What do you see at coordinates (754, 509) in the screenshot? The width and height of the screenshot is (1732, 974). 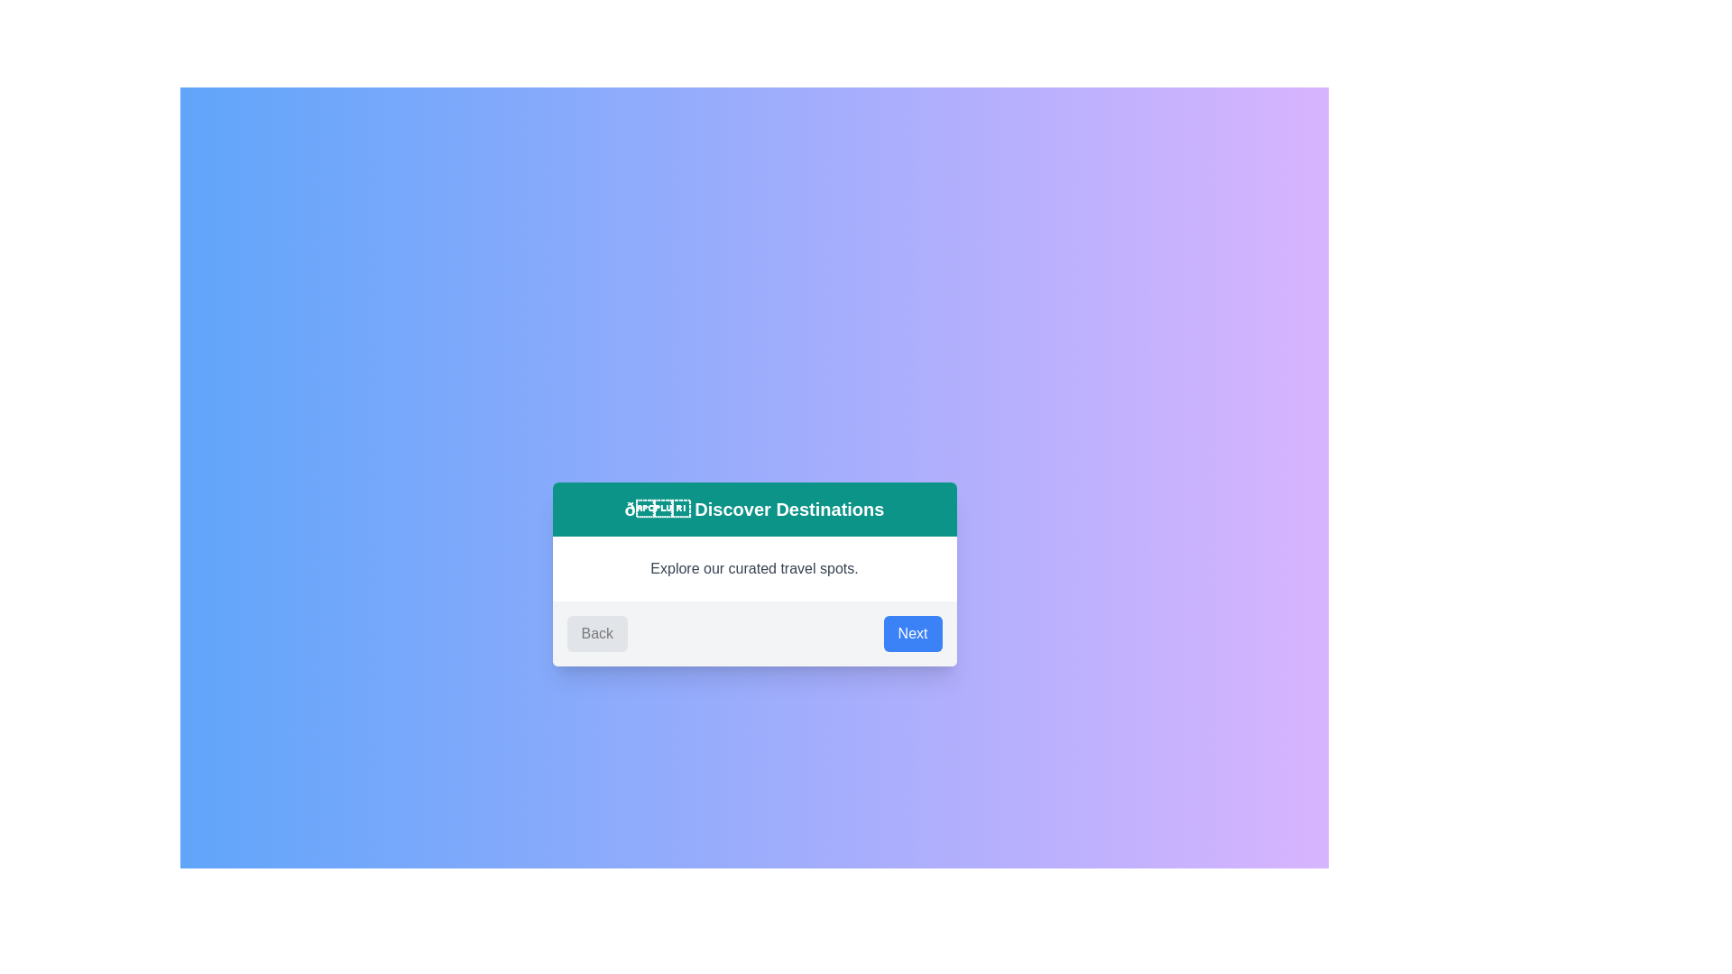 I see `the Header element with a teal background and white bold text that displays 'Discover Destinations' and an emoji, located above the 'Explore our curated travel spots' section` at bounding box center [754, 509].